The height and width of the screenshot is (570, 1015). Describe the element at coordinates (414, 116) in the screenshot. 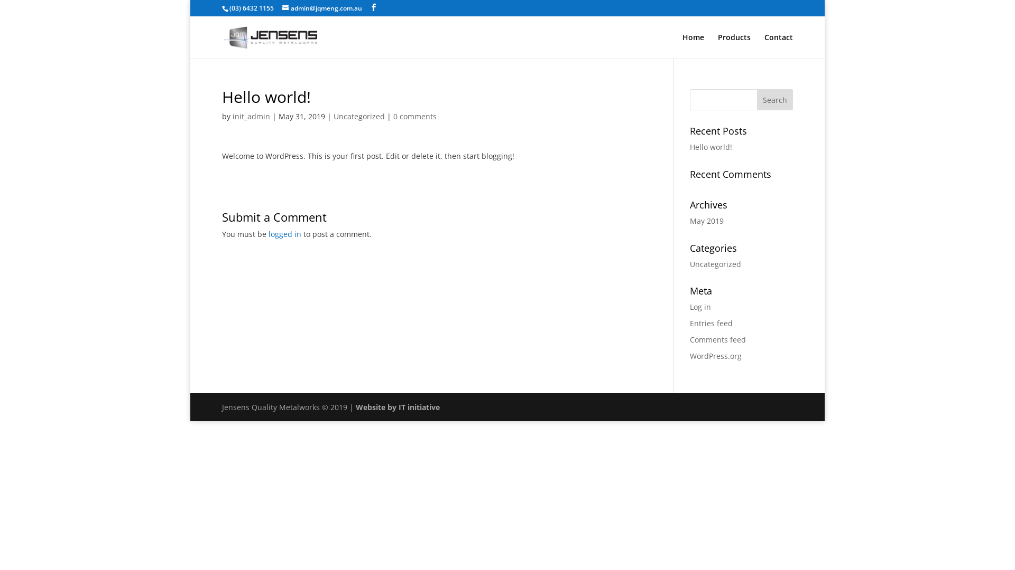

I see `'0 comments'` at that location.